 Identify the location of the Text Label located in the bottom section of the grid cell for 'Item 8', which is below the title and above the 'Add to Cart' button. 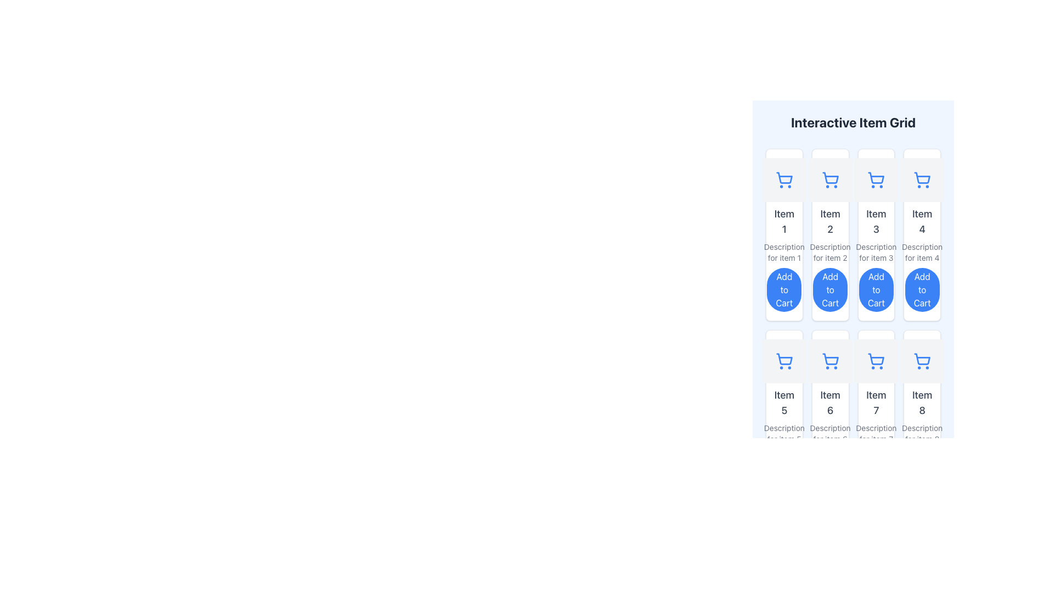
(922, 433).